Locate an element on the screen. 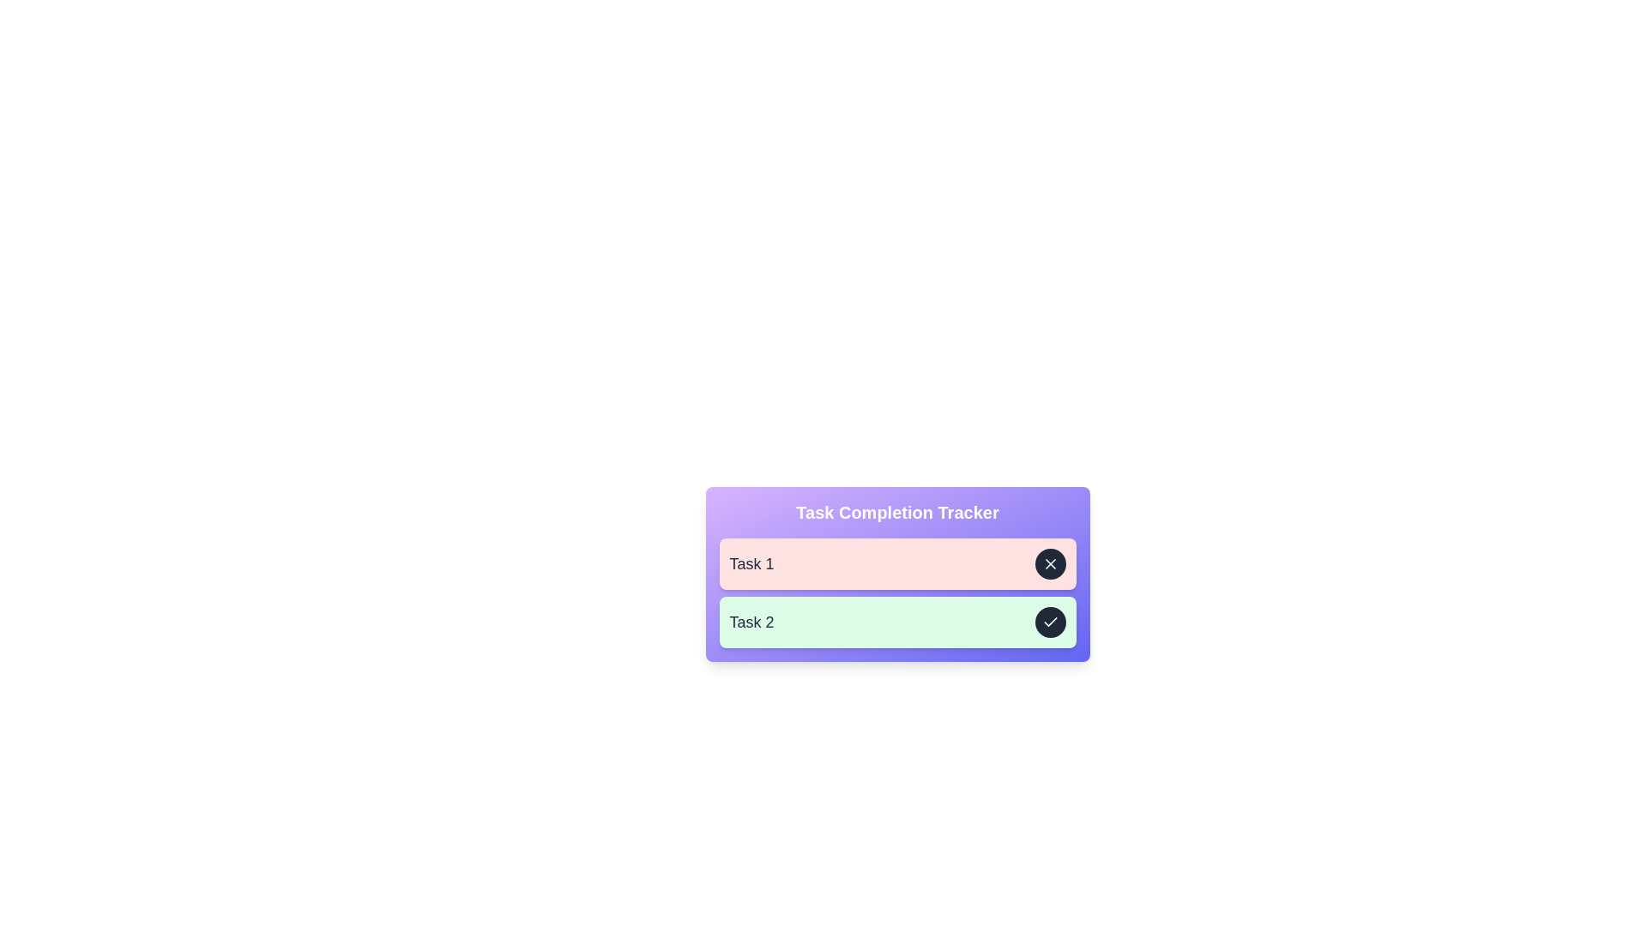 The image size is (1647, 926). the task card representing the second task in the task tracker interface, which is located beneath 'Task 1' is located at coordinates (896, 622).